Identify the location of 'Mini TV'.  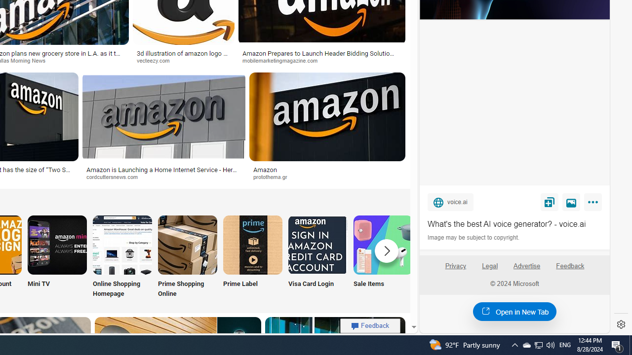
(57, 257).